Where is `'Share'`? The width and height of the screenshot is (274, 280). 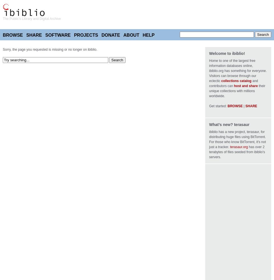 'Share' is located at coordinates (26, 35).